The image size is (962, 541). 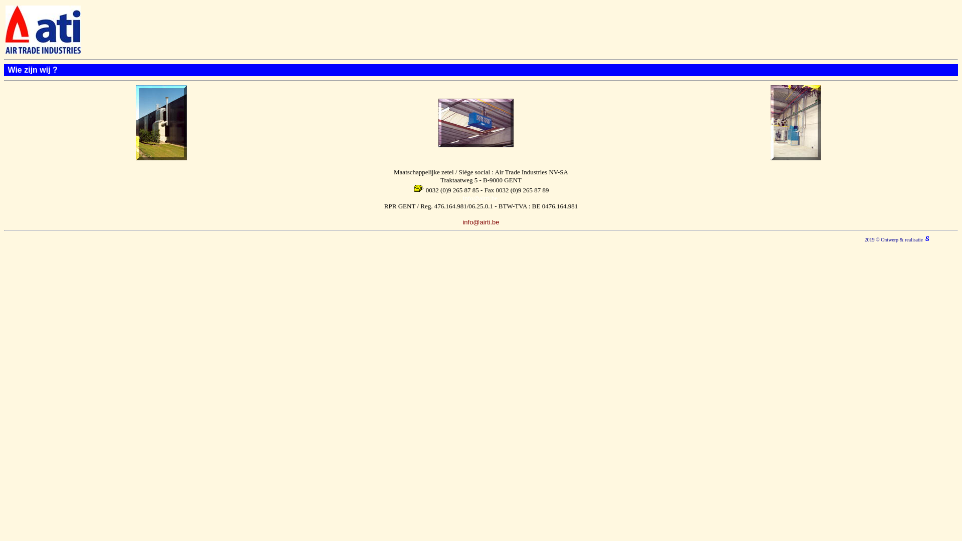 What do you see at coordinates (461, 221) in the screenshot?
I see `'info@airti.be'` at bounding box center [461, 221].